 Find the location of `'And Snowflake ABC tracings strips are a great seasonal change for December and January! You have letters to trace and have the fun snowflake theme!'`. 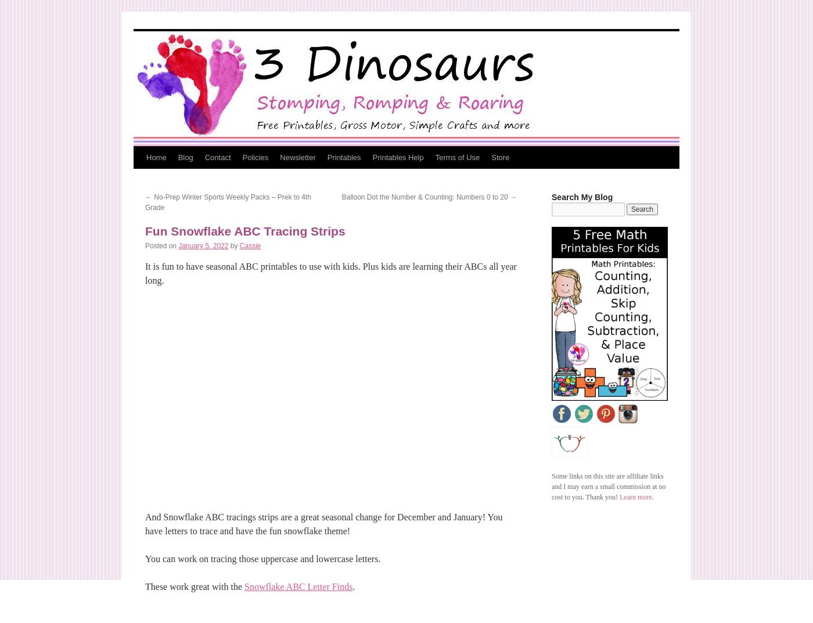

'And Snowflake ABC tracings strips are a great seasonal change for December and January! You have letters to trace and have the fun snowflake theme!' is located at coordinates (323, 523).